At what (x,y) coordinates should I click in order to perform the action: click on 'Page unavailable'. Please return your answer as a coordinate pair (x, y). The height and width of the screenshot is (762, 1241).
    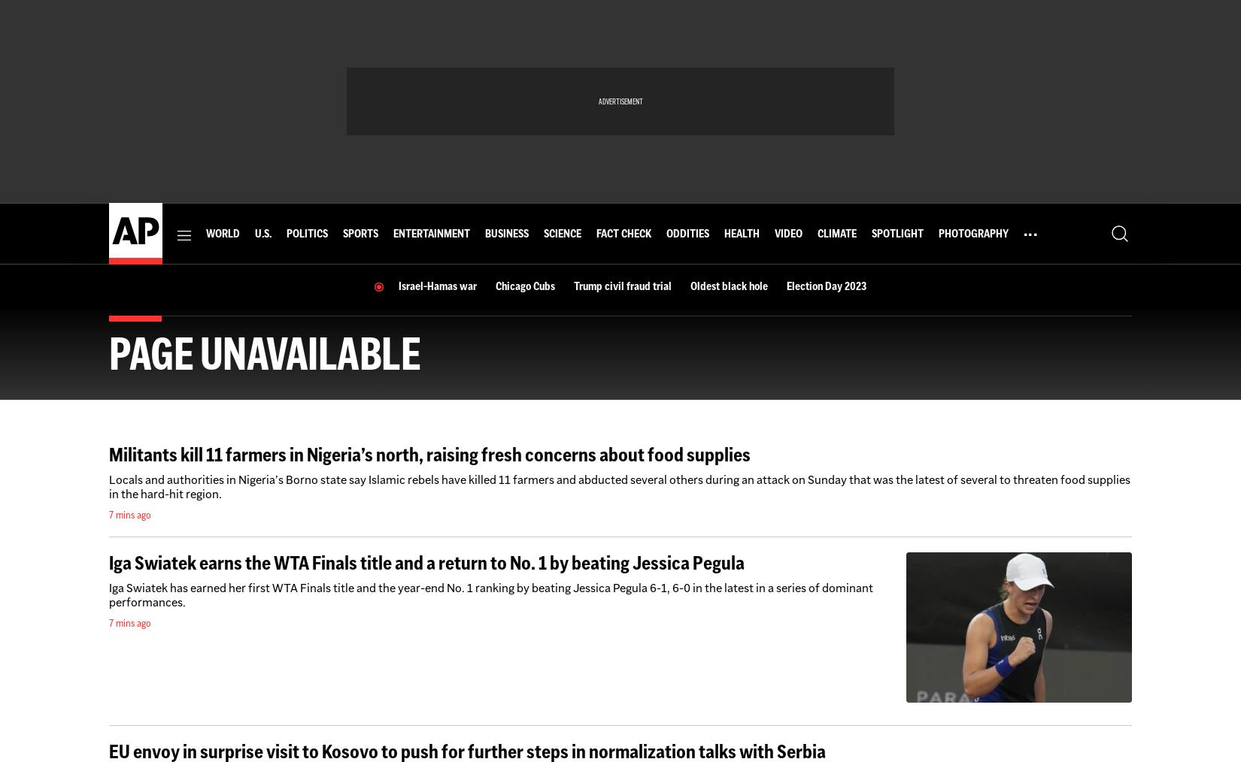
    Looking at the image, I should click on (264, 352).